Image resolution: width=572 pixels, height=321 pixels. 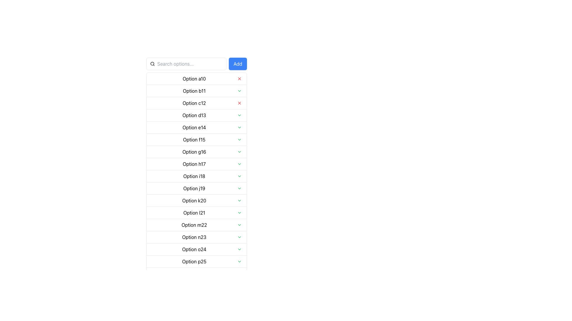 What do you see at coordinates (197, 261) in the screenshot?
I see `the 16th list item in a vertically aligned list of options, which is visually represented as a selectable item between 'Option o24' and 'Option q26'` at bounding box center [197, 261].